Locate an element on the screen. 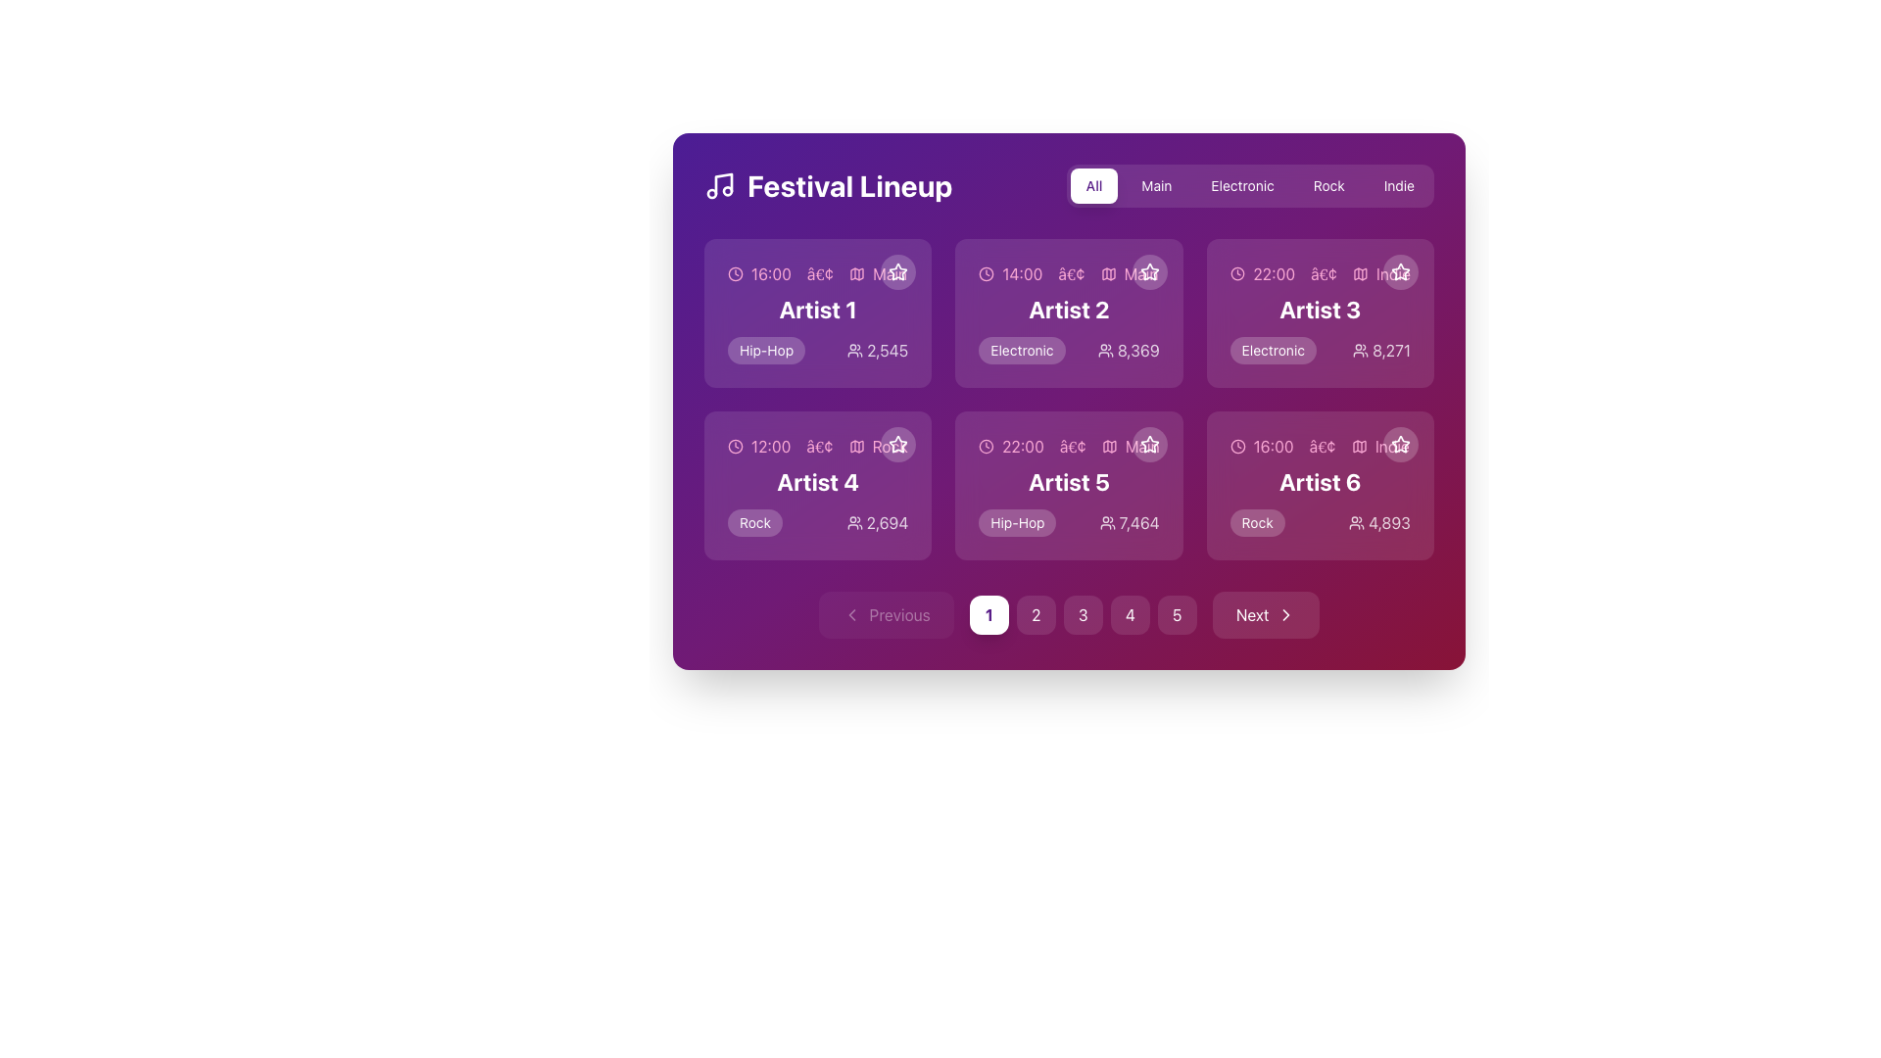 Image resolution: width=1881 pixels, height=1058 pixels. the category information displayed in the 'Electronic' label, which is styled with a rounded background and appears within the card for 'Artist 3' in the third column of the grid is located at coordinates (1273, 350).